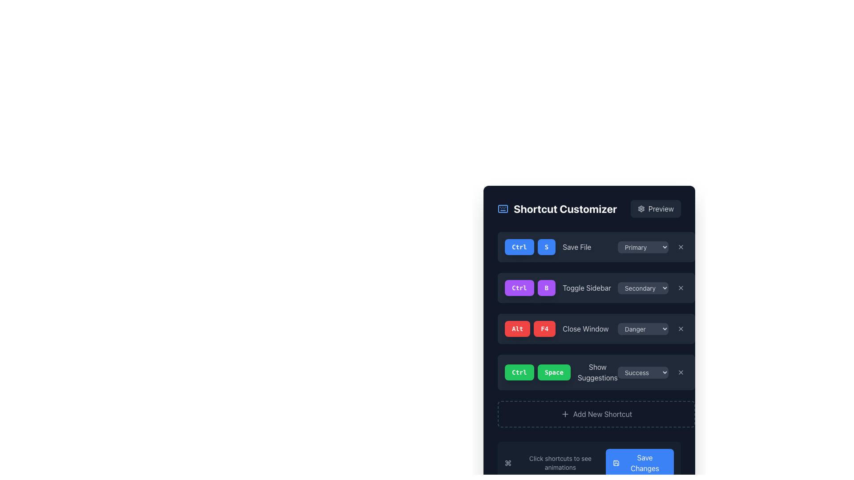 This screenshot has width=854, height=480. Describe the element at coordinates (643, 372) in the screenshot. I see `on the dropdown menu trigger that allows the user` at that location.